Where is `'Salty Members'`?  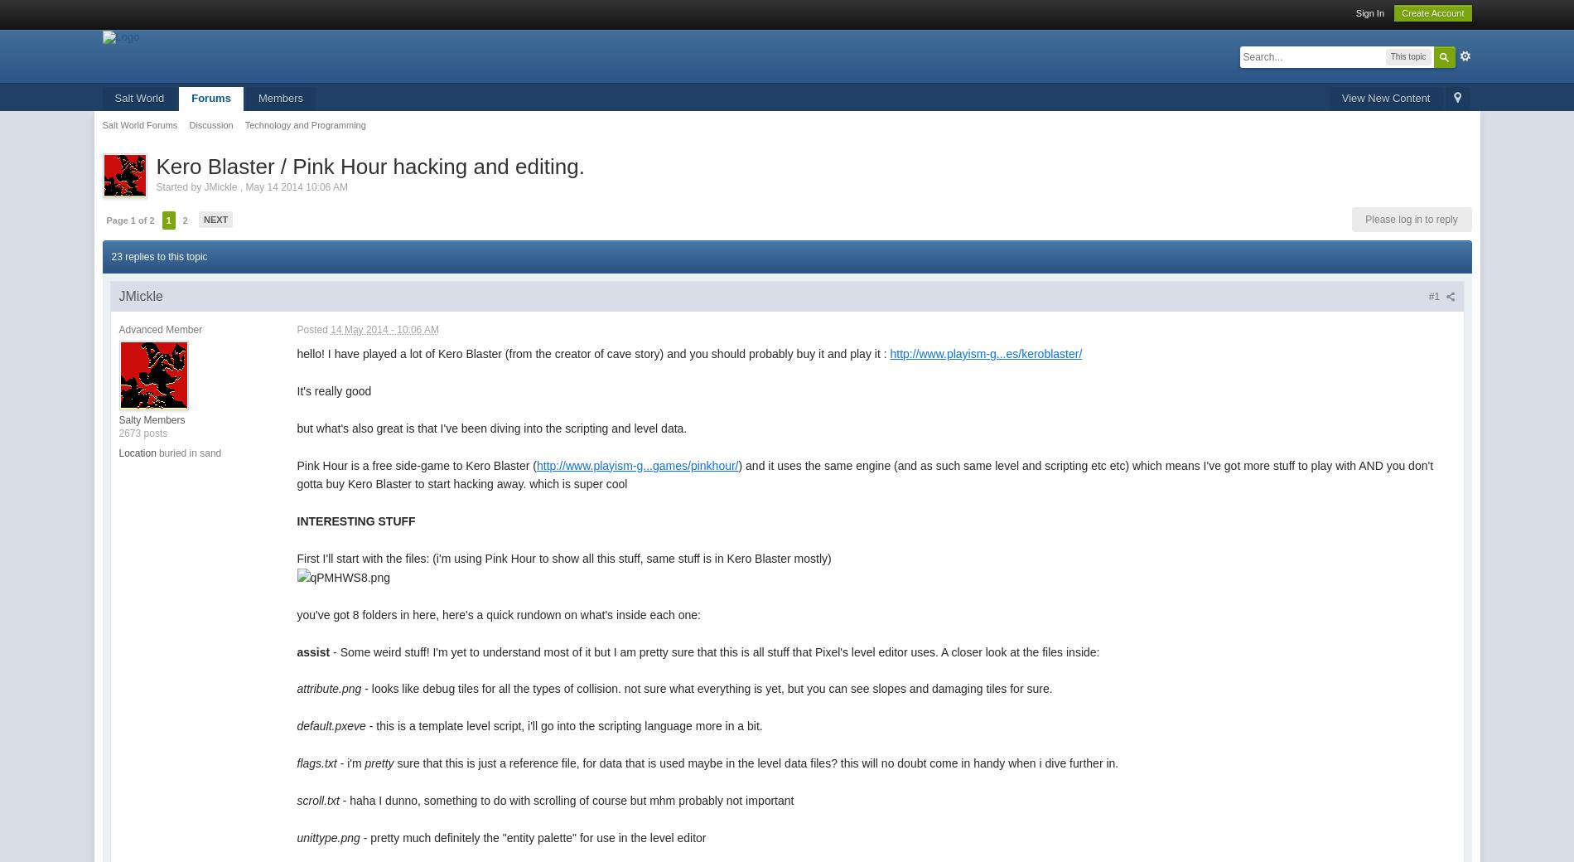
'Salty Members' is located at coordinates (118, 420).